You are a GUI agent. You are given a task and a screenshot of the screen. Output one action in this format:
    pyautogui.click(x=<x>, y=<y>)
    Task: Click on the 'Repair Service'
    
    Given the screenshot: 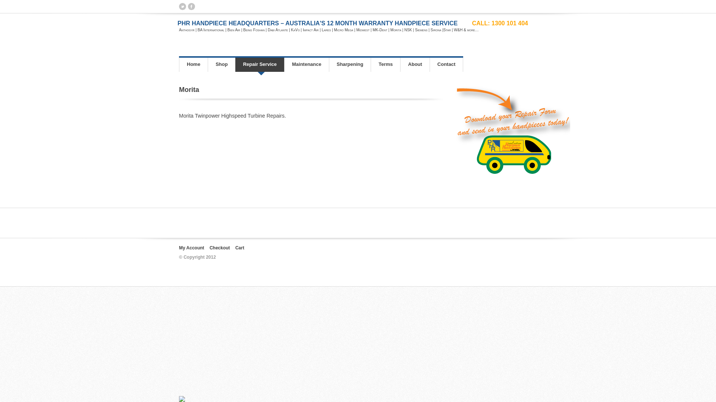 What is the action you would take?
    pyautogui.click(x=260, y=64)
    